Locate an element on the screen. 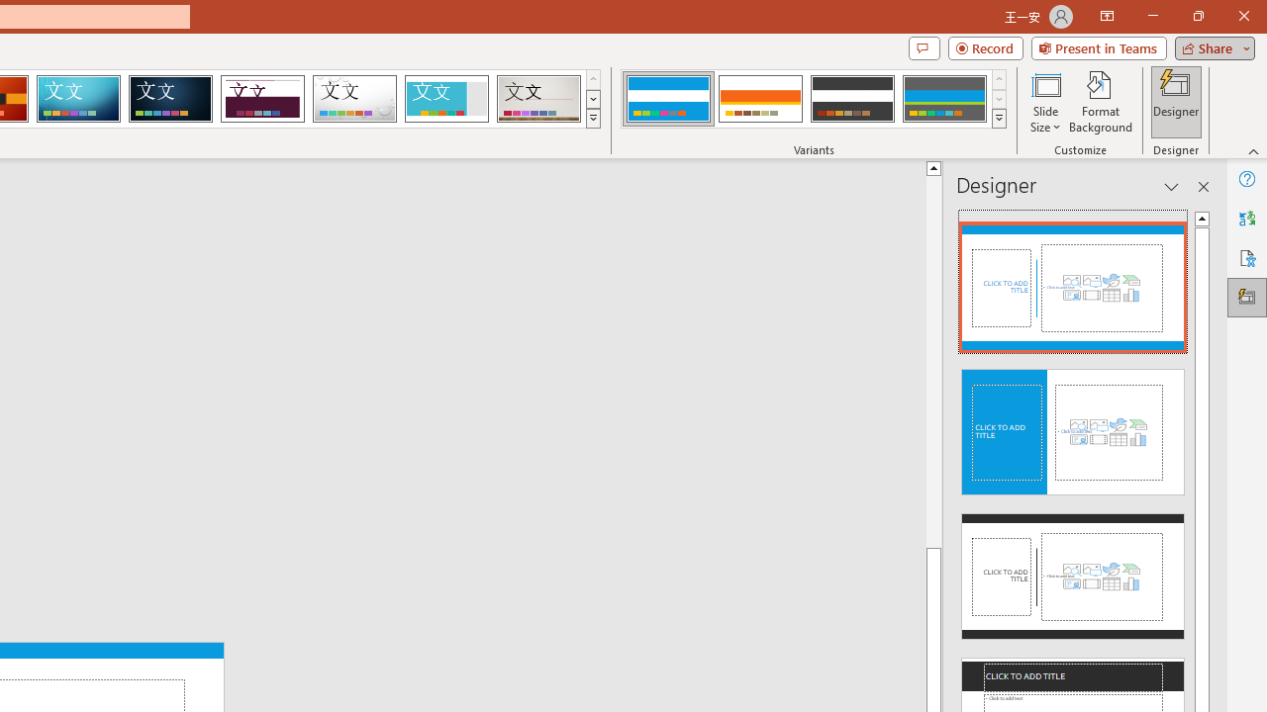 Image resolution: width=1267 pixels, height=712 pixels. 'Circuit' is located at coordinates (78, 99).